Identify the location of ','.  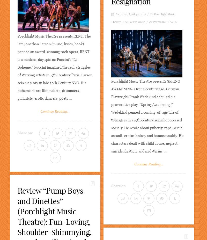
(122, 22).